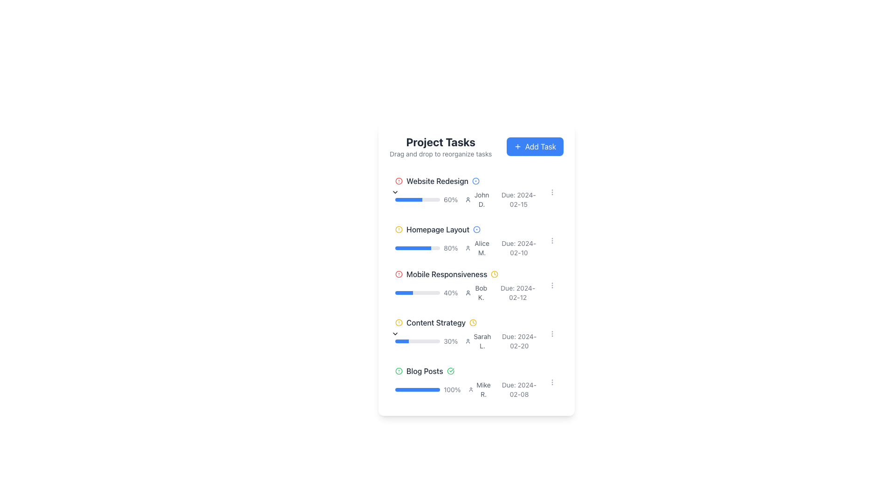 Image resolution: width=895 pixels, height=503 pixels. What do you see at coordinates (417, 341) in the screenshot?
I see `the horizontal progress bar with a light gray background and blue-filled portion, located in the 'Content Strategy' row, positioned near the center of the row group` at bounding box center [417, 341].